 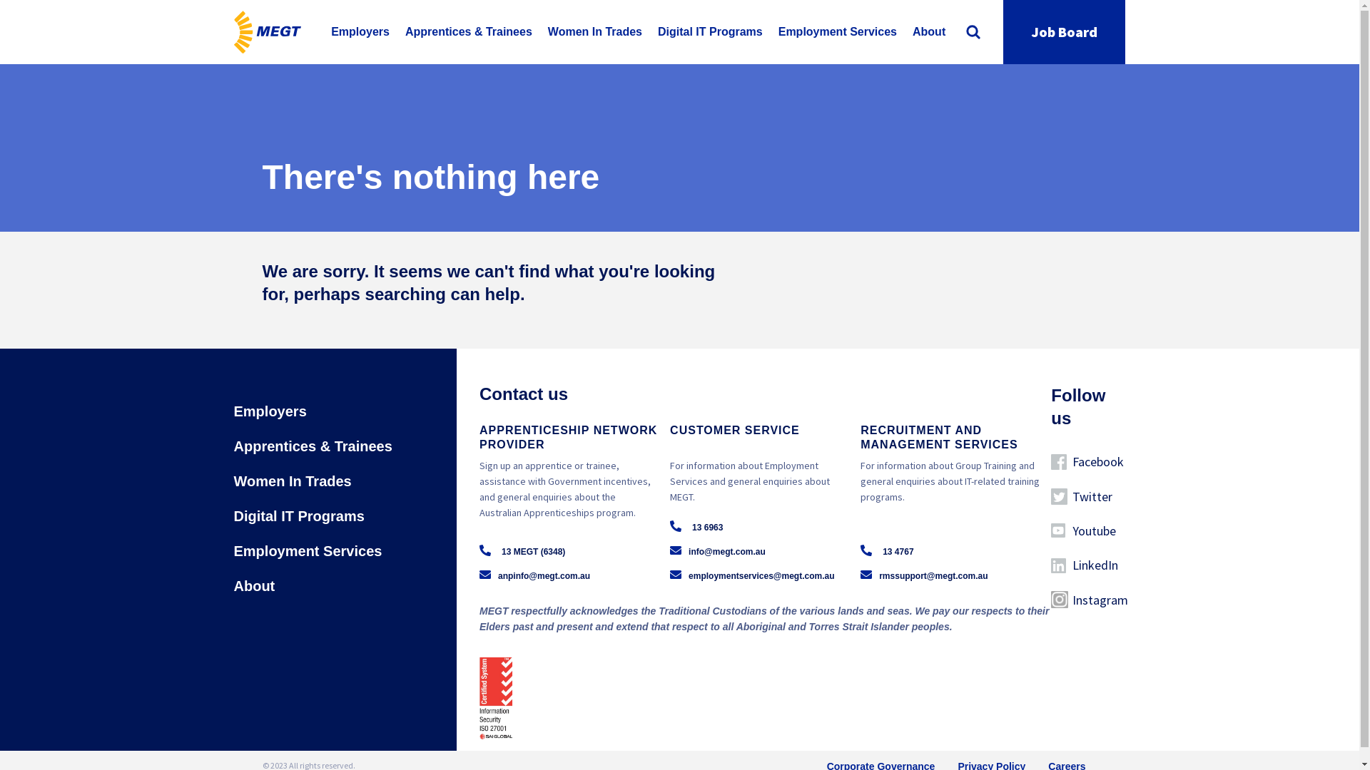 I want to click on '13 6963', so click(x=707, y=528).